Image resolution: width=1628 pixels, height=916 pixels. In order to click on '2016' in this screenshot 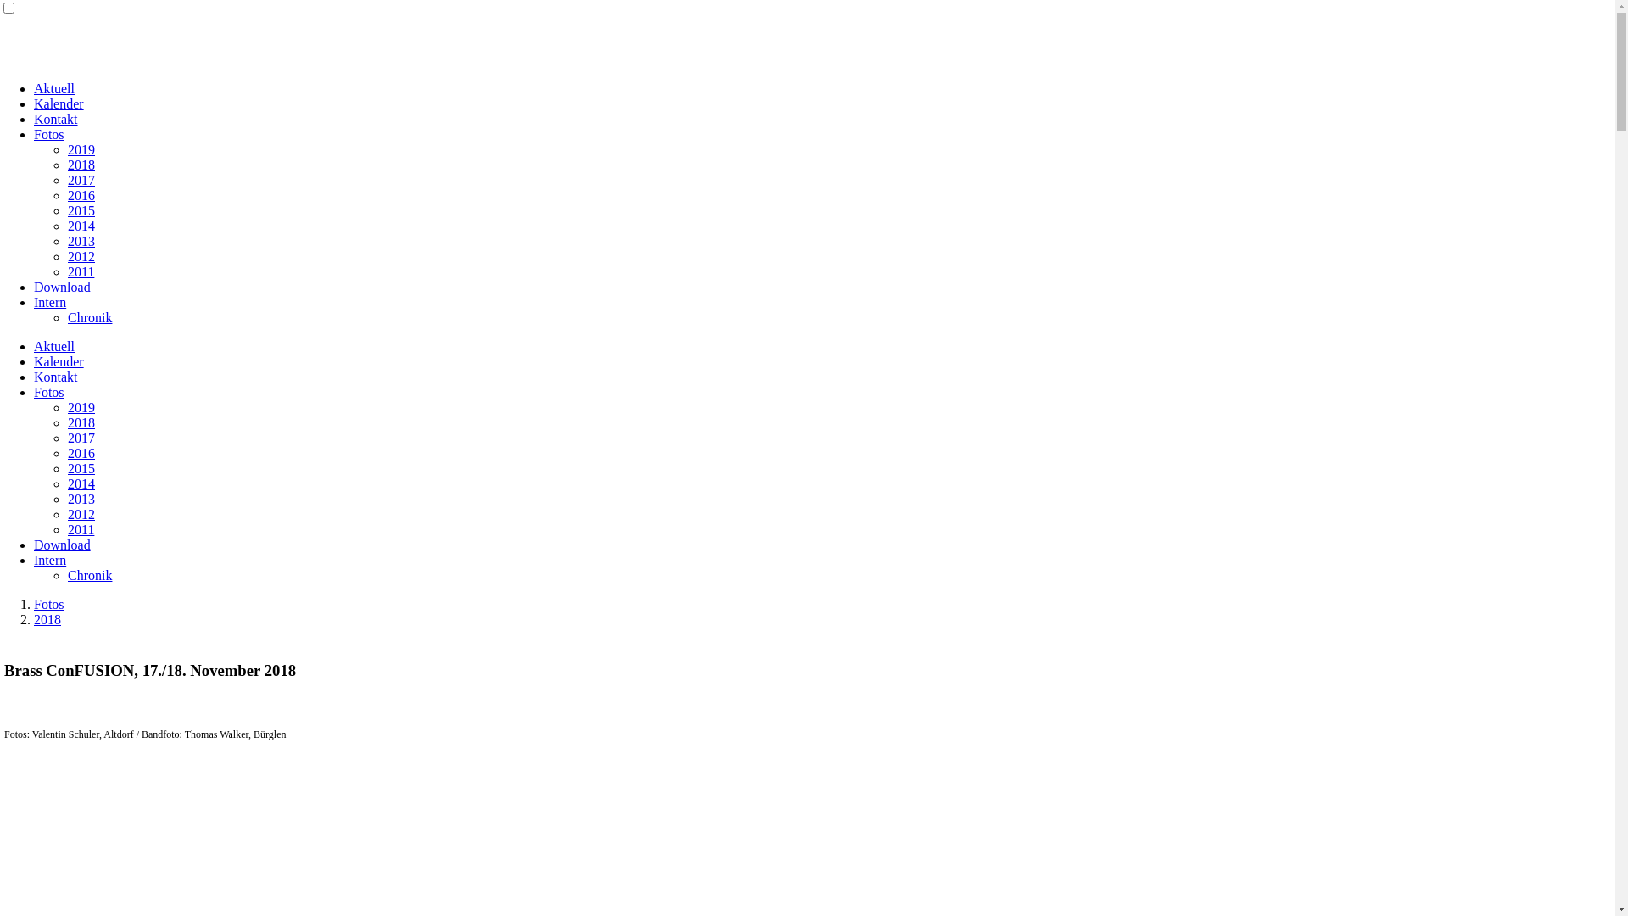, I will do `click(81, 452)`.